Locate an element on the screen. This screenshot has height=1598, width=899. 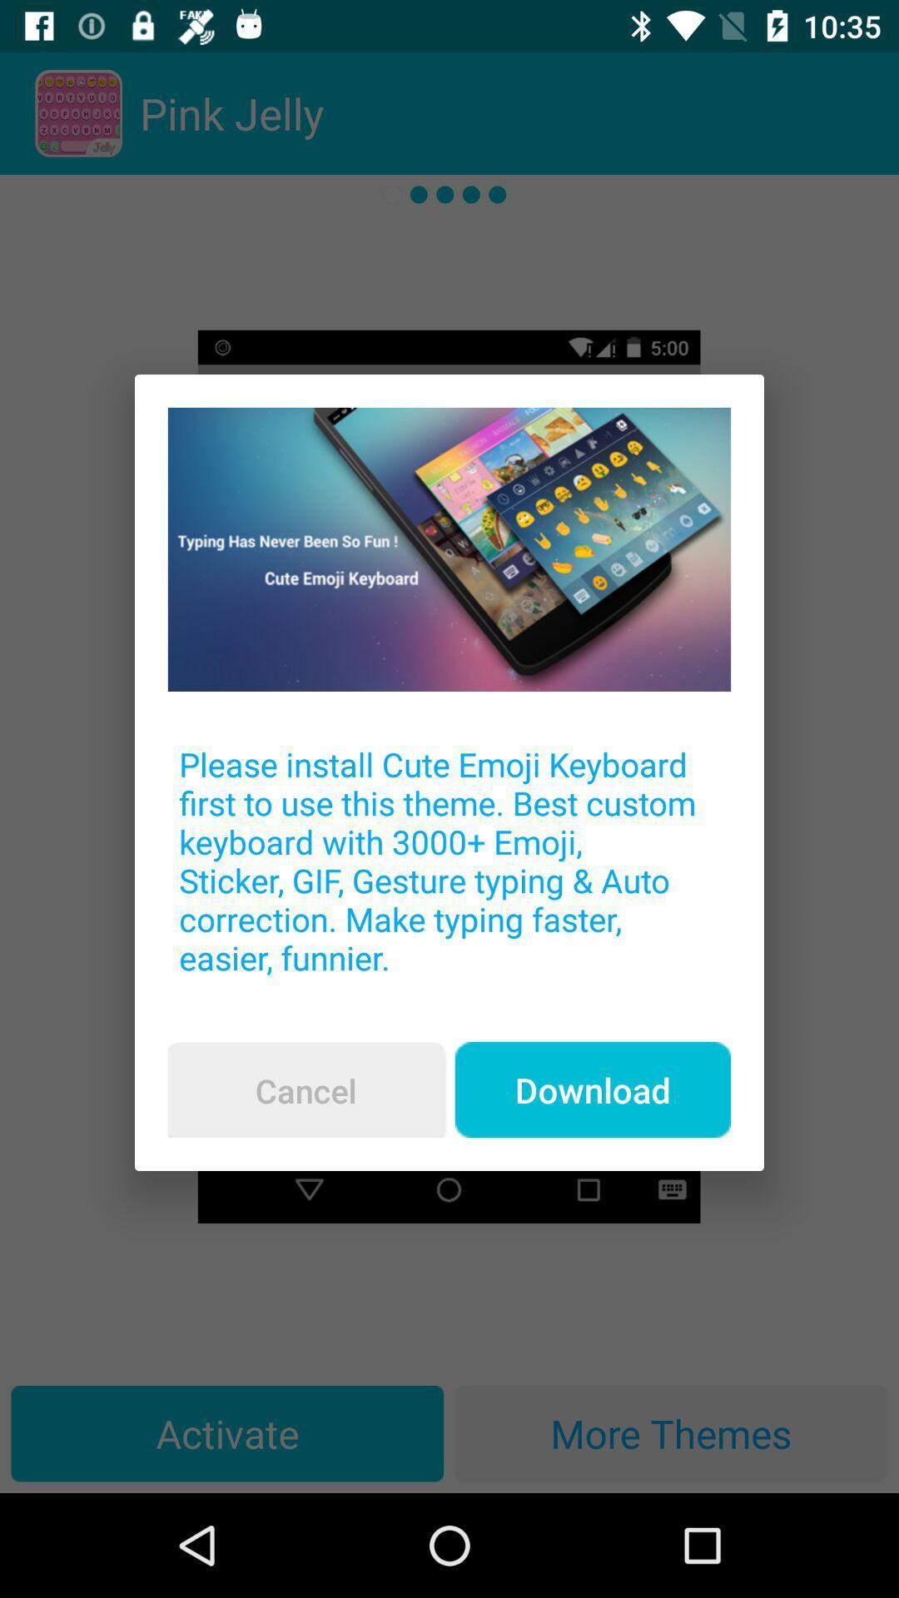
item below the please install cute is located at coordinates (305, 1090).